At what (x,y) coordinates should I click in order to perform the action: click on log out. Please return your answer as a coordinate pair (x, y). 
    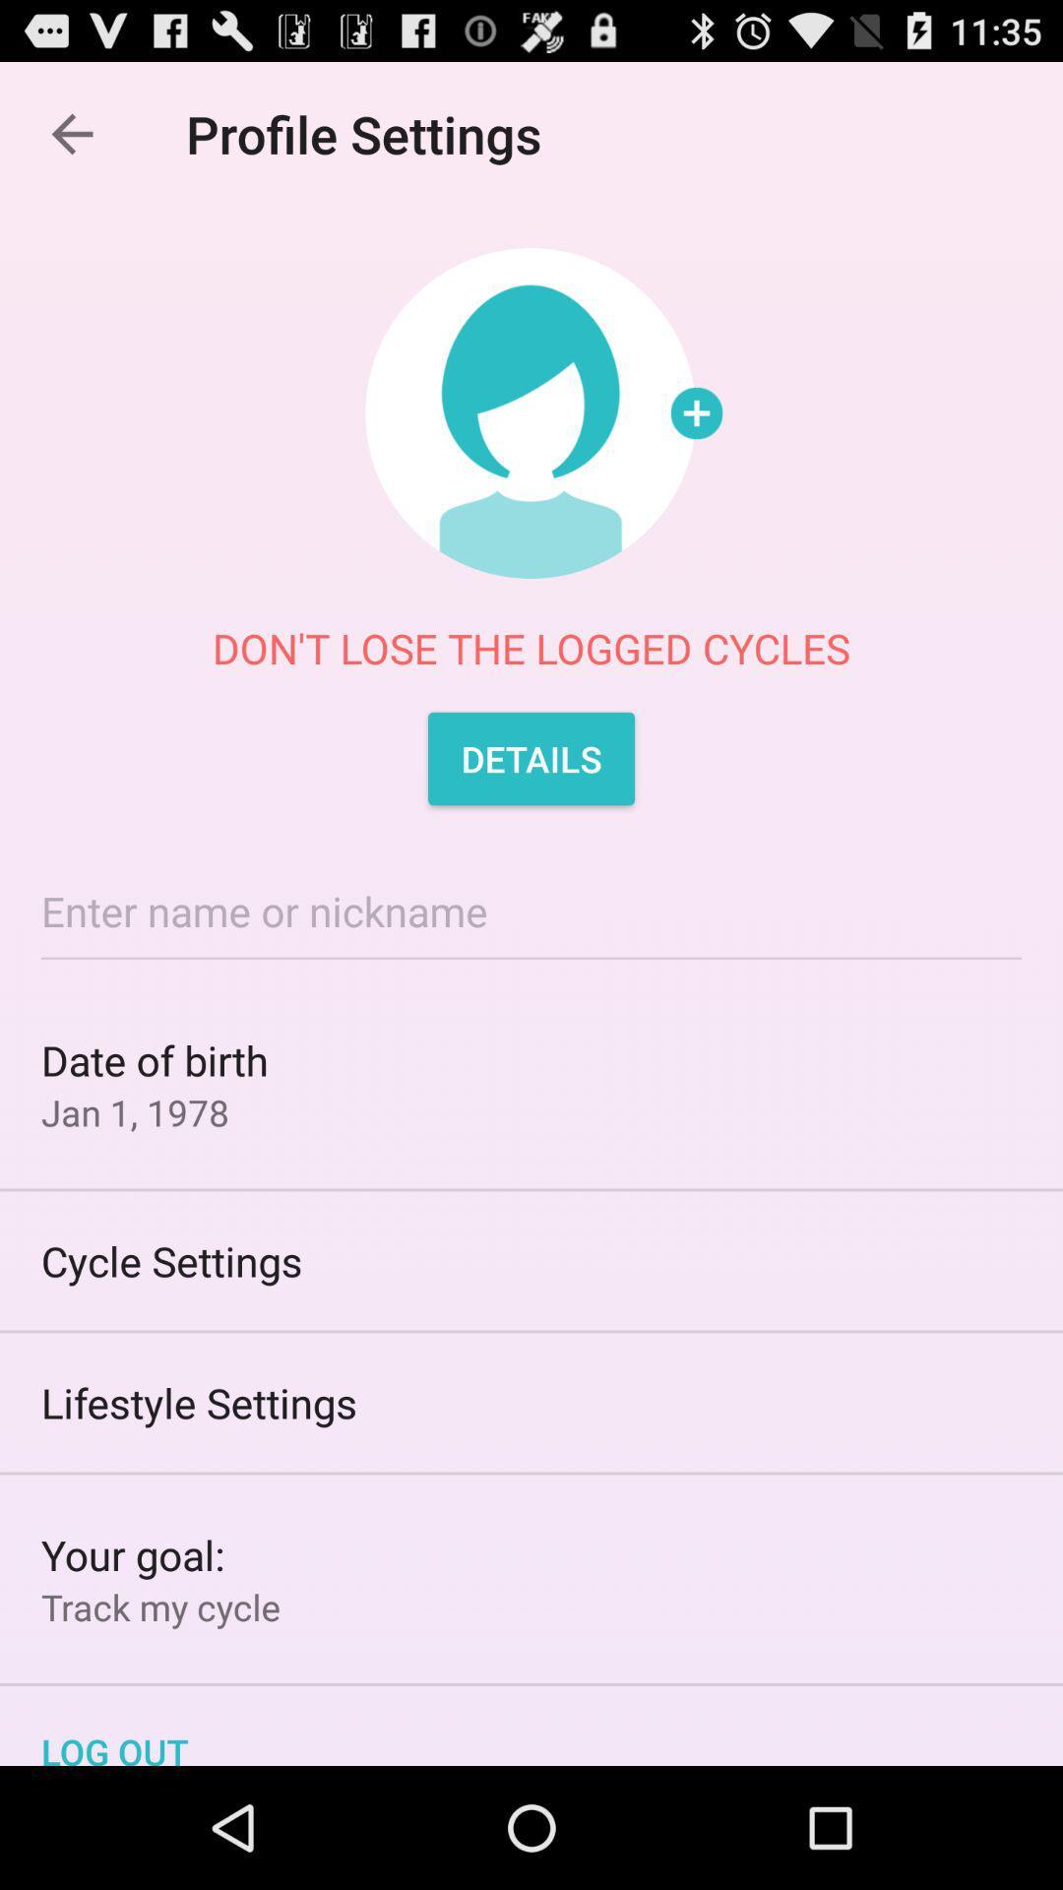
    Looking at the image, I should click on (531, 1725).